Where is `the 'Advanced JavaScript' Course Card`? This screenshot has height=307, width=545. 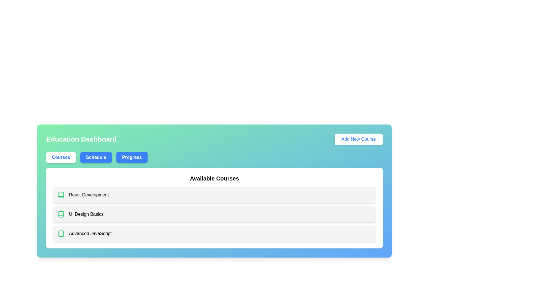 the 'Advanced JavaScript' Course Card is located at coordinates (214, 233).